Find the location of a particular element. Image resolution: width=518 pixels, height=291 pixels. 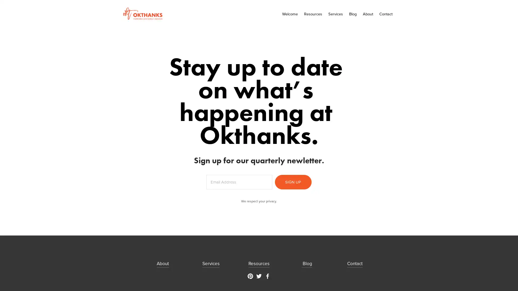

SIGN UP is located at coordinates (292, 182).